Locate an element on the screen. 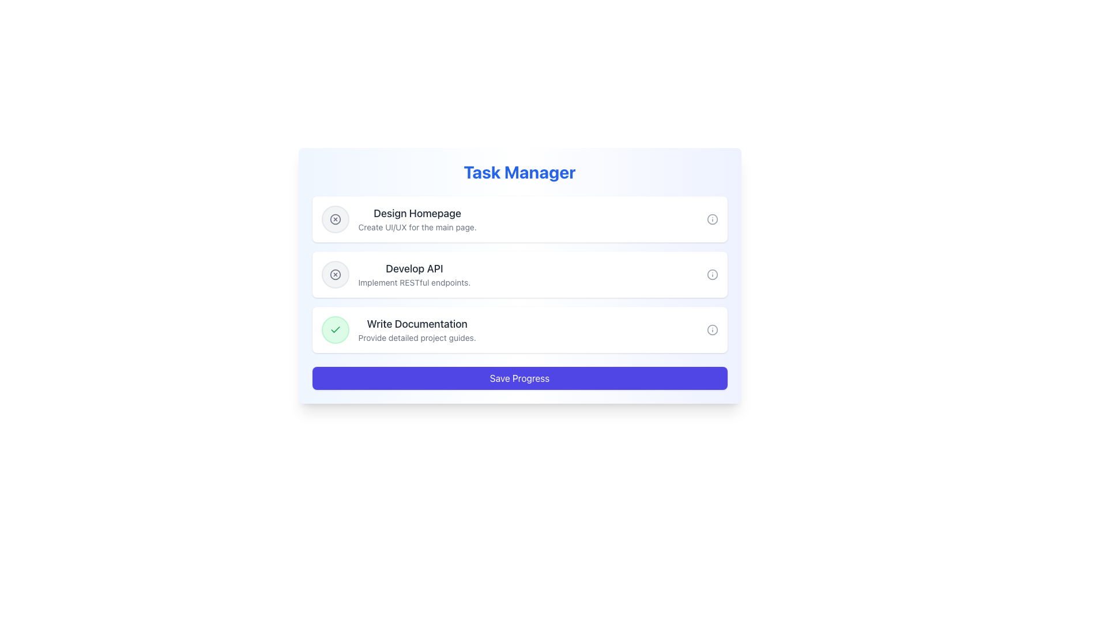 This screenshot has height=622, width=1107. the text element displaying the task title 'Develop API' and subtitle 'Implement RESTful endpoints', located in the middle task card of the vertical list is located at coordinates (396, 275).